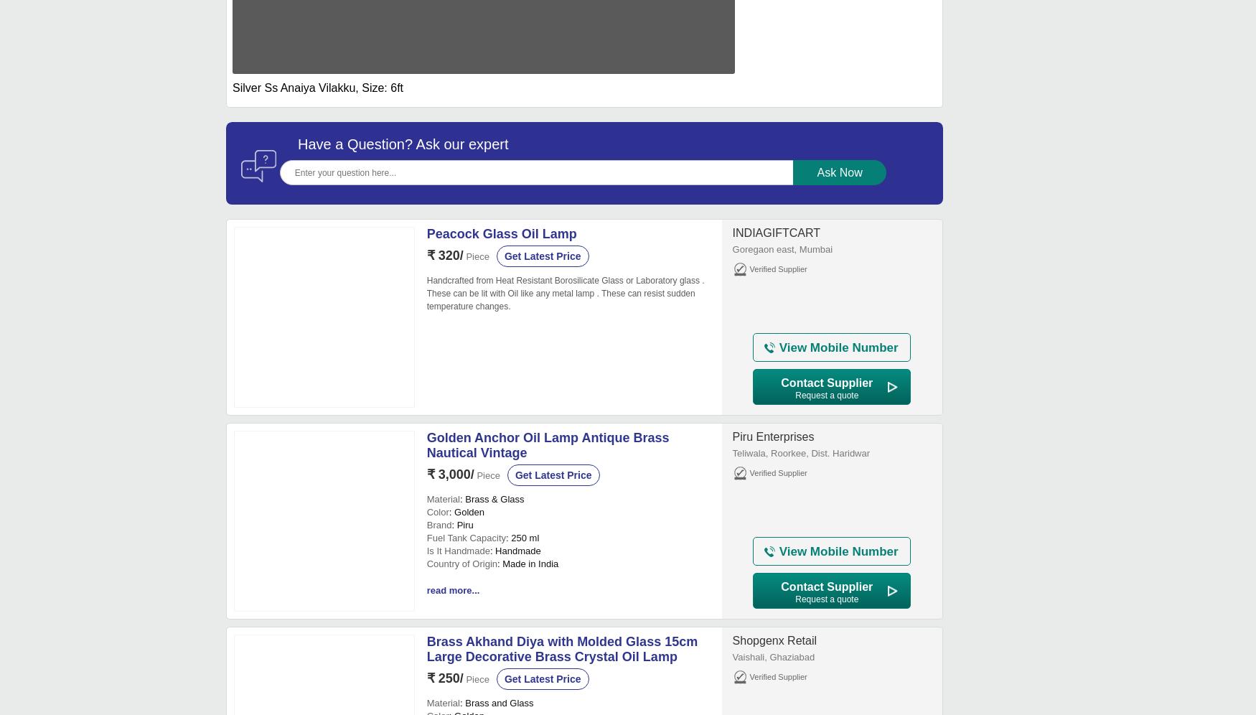 This screenshot has width=1256, height=715. I want to click on ':  Piru', so click(461, 524).